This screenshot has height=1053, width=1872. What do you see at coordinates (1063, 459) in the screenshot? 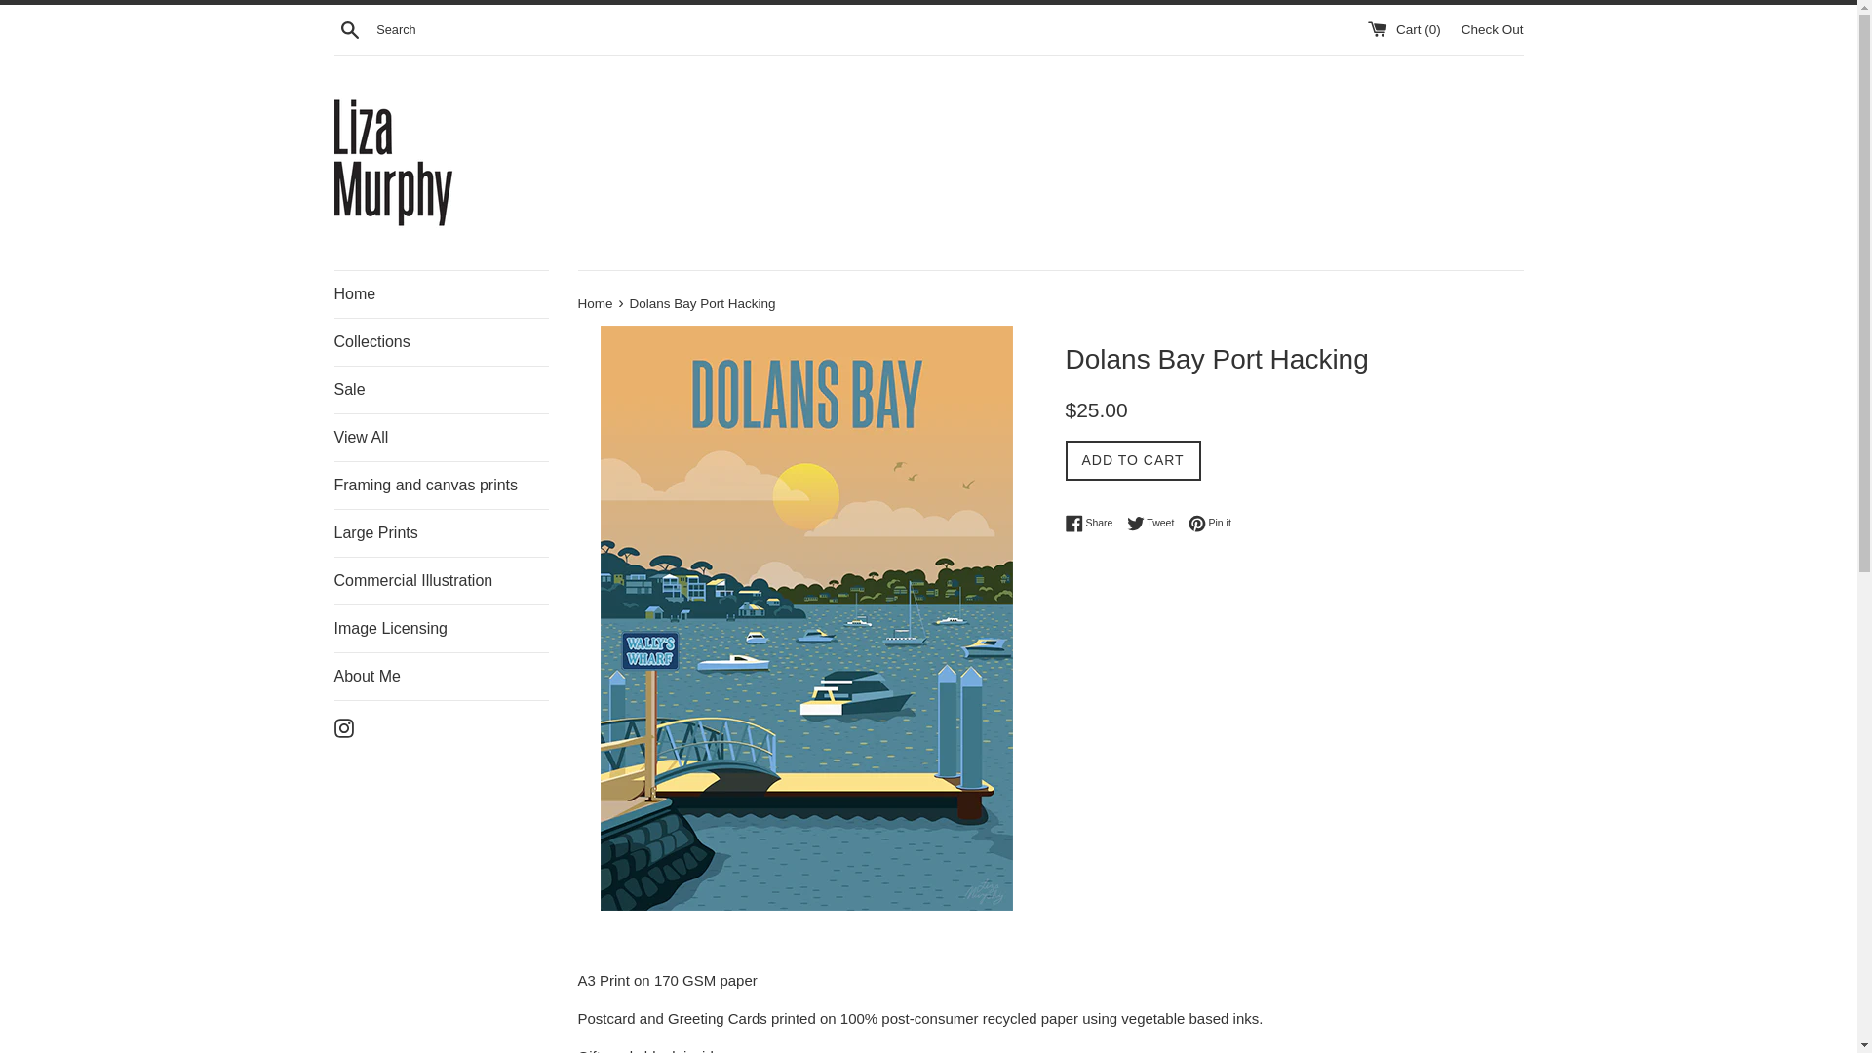
I see `'ADD TO CART'` at bounding box center [1063, 459].